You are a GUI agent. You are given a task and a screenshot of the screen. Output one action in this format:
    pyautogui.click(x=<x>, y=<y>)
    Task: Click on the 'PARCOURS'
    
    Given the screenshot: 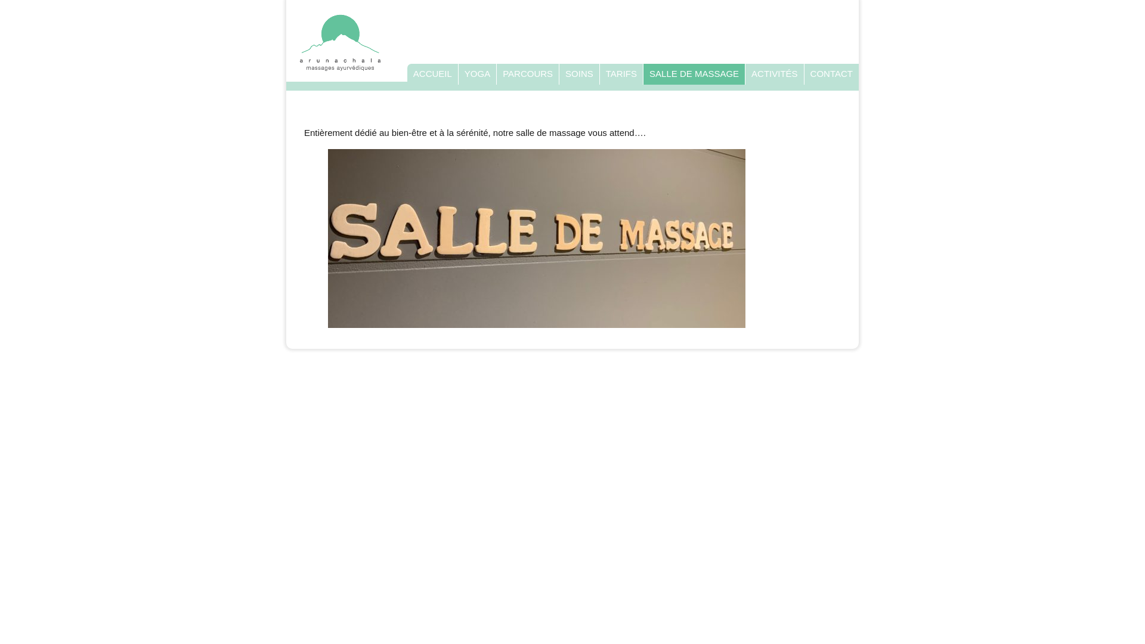 What is the action you would take?
    pyautogui.click(x=527, y=73)
    